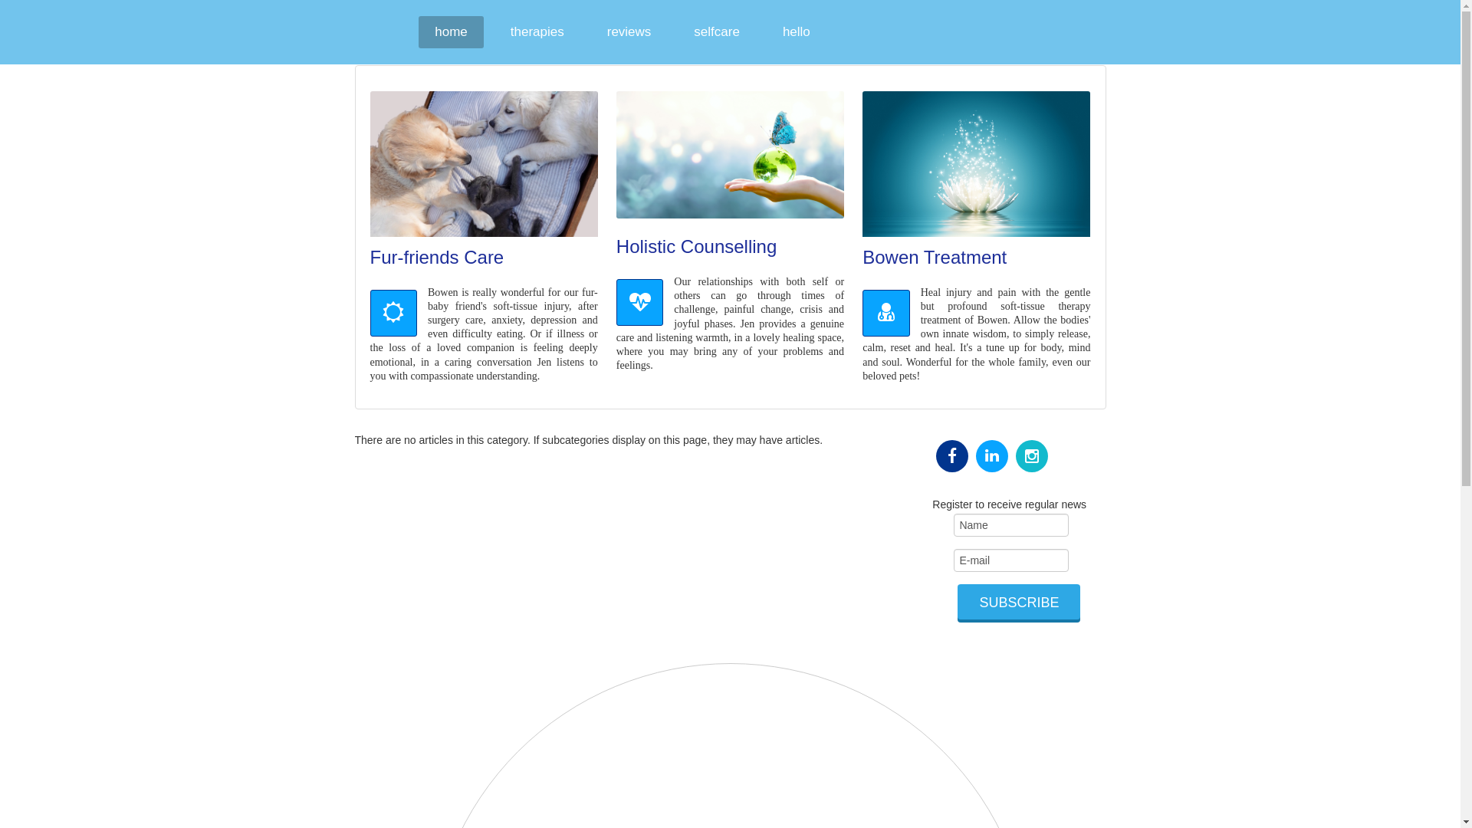  Describe the element at coordinates (590, 32) in the screenshot. I see `'reviews'` at that location.